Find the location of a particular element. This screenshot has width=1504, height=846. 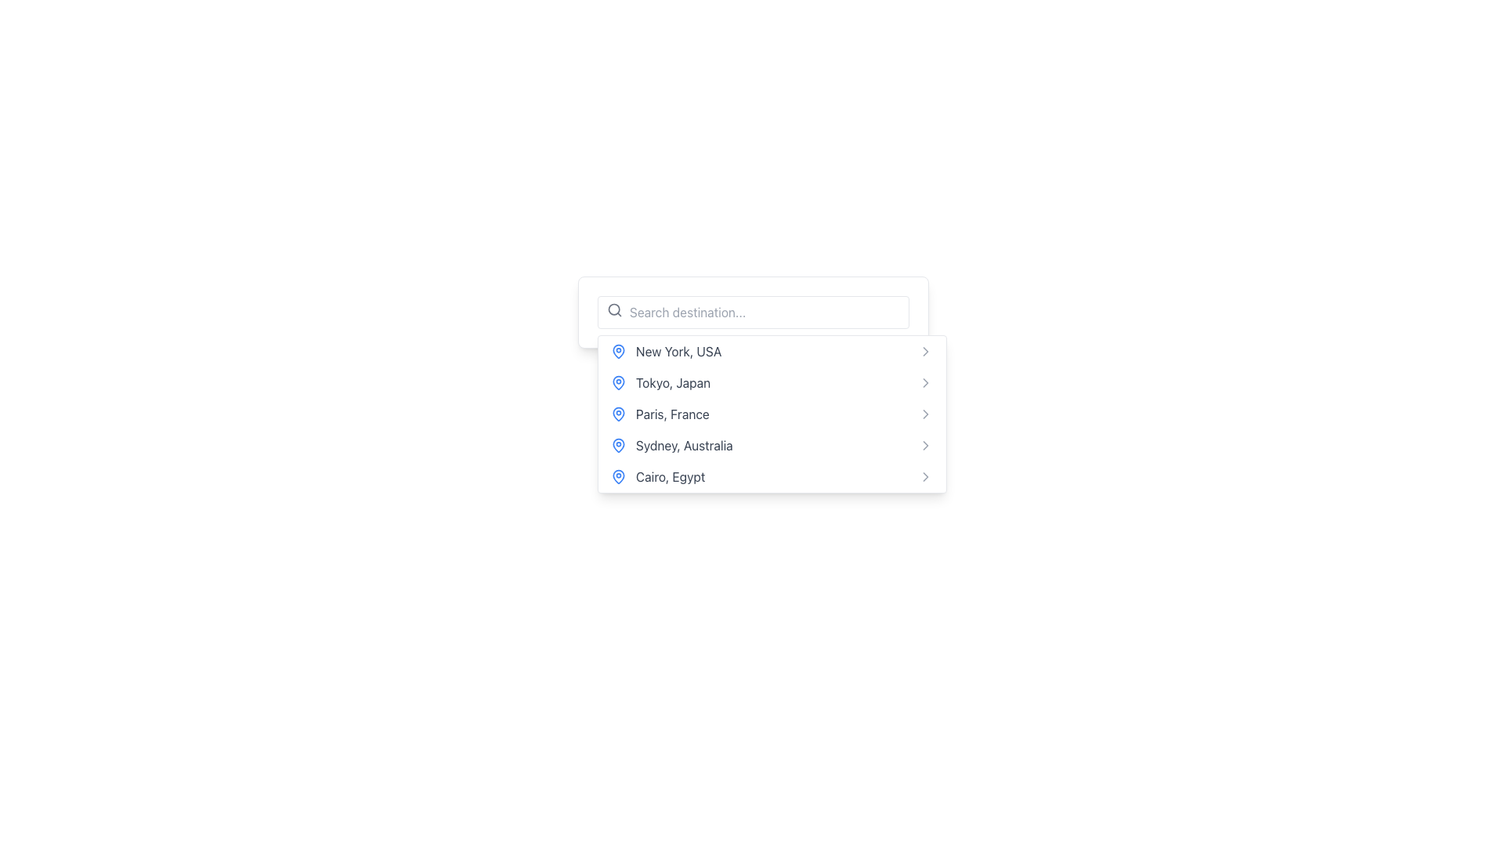

the Chevron Right icon next is located at coordinates (925, 383).